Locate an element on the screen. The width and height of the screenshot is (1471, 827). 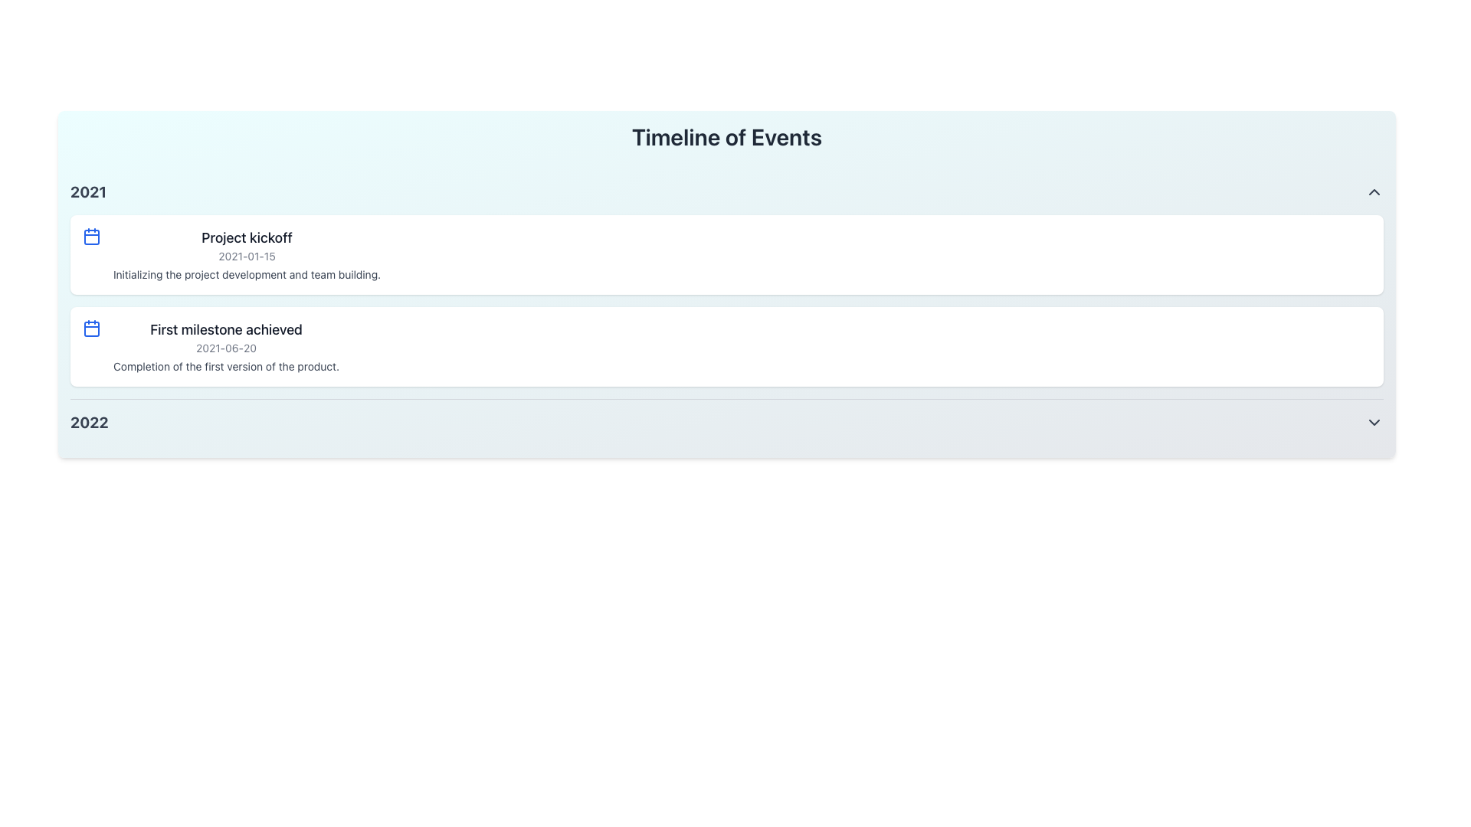
text content of the 'First milestone achieved' label, which is styled with a medium-weight font in dark gray color, located at the top of the second milestone entry in the 'Timeline of Events' section is located at coordinates (225, 329).